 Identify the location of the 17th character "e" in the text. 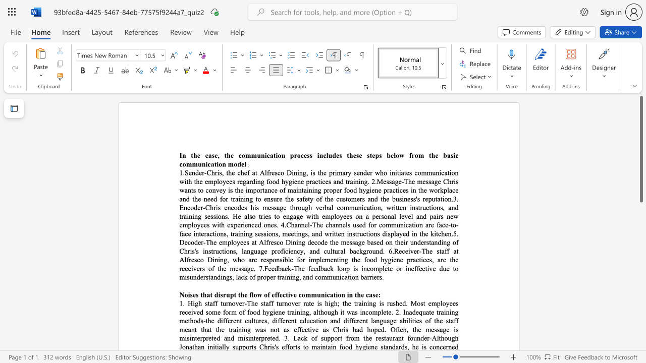
(302, 268).